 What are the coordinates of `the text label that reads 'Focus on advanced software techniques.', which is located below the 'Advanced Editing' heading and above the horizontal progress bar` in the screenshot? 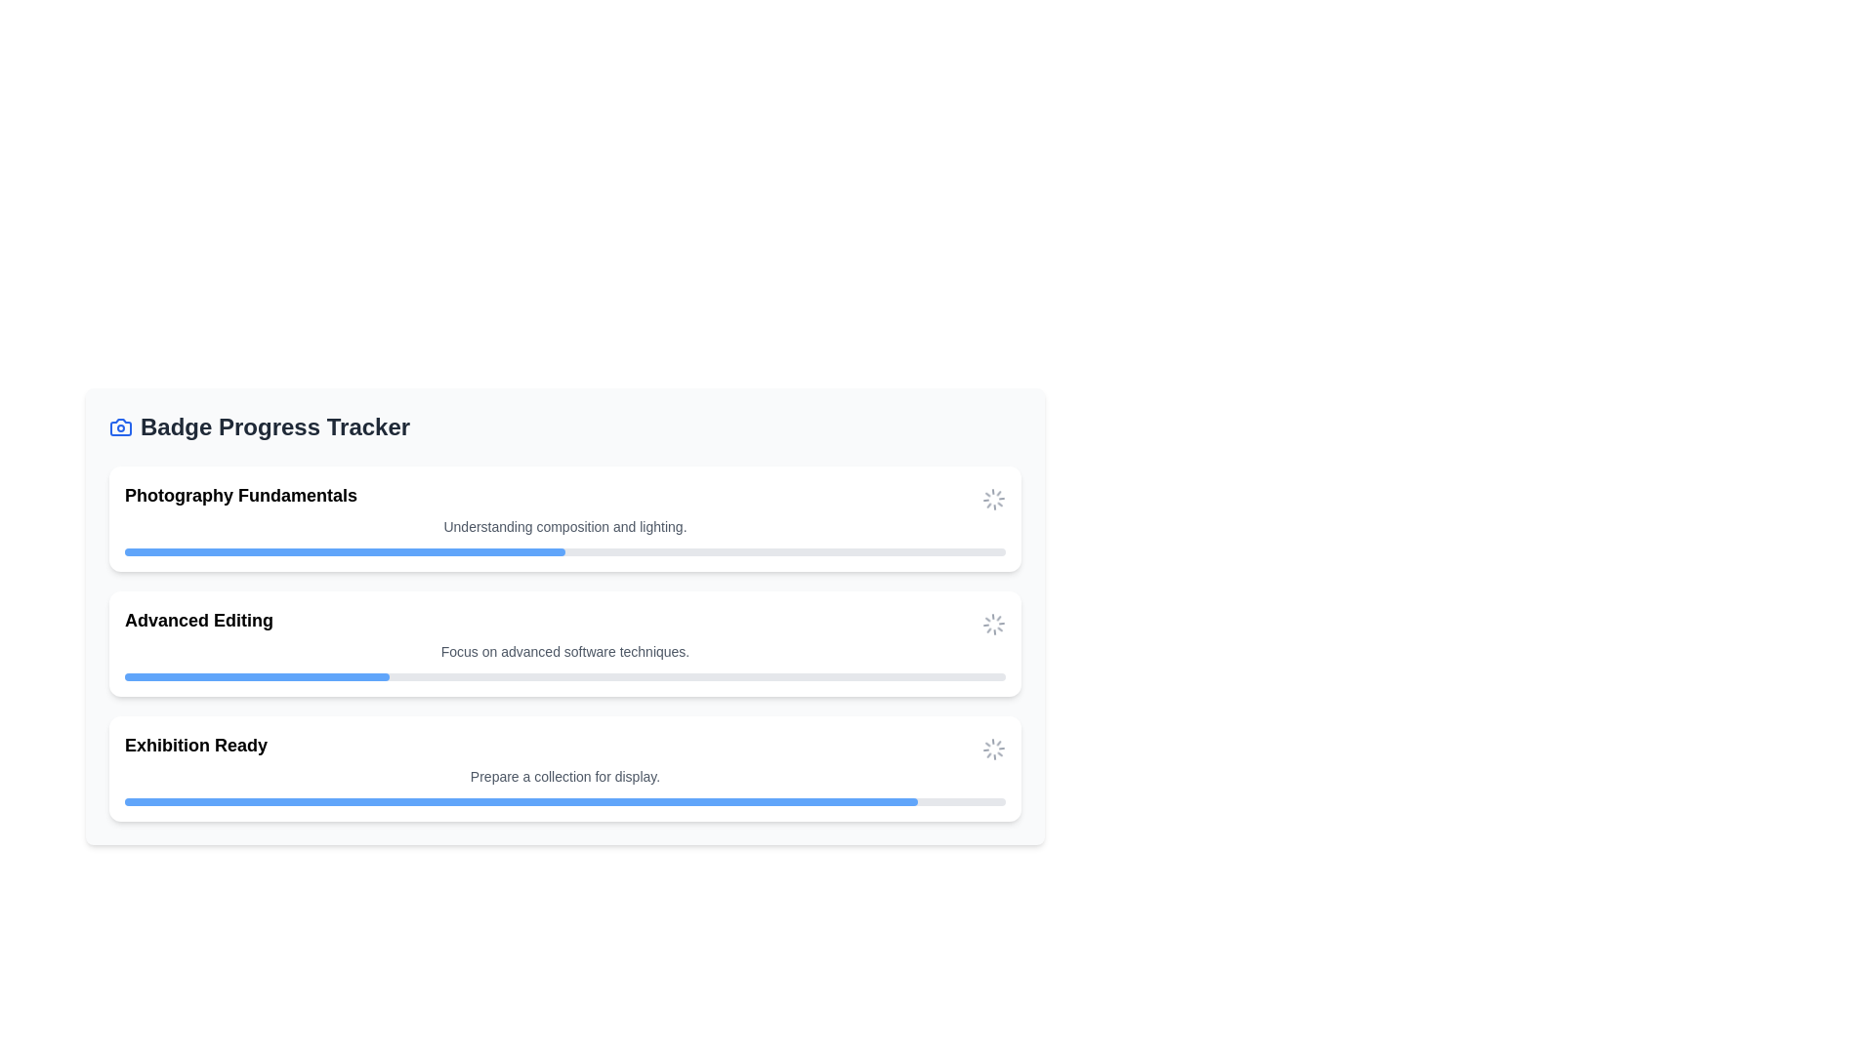 It's located at (564, 651).